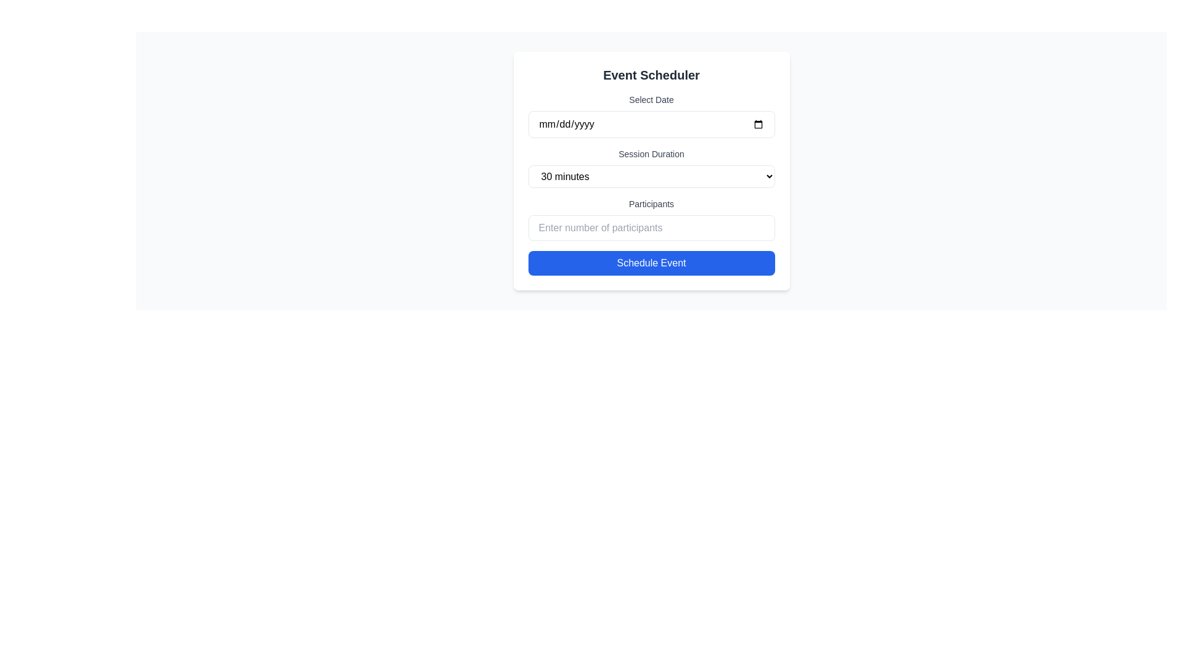  What do you see at coordinates (651, 263) in the screenshot?
I see `the 'Schedule Event' button located at the bottom of the form` at bounding box center [651, 263].